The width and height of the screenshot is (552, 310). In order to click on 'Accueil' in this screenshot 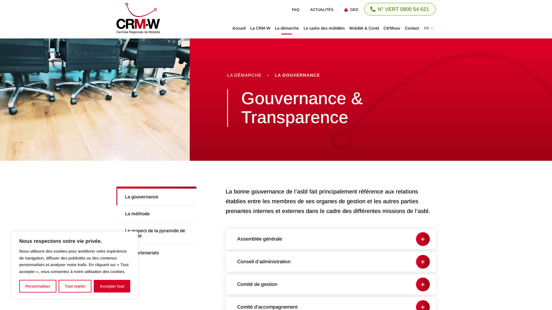, I will do `click(239, 28)`.